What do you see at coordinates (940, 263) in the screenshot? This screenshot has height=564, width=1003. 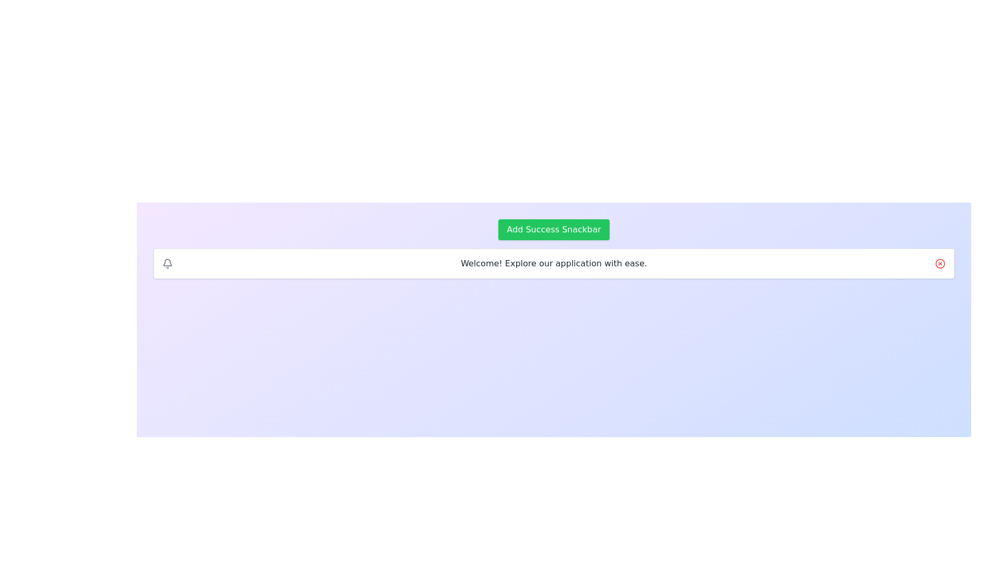 I see `the close button of the snackbar` at bounding box center [940, 263].